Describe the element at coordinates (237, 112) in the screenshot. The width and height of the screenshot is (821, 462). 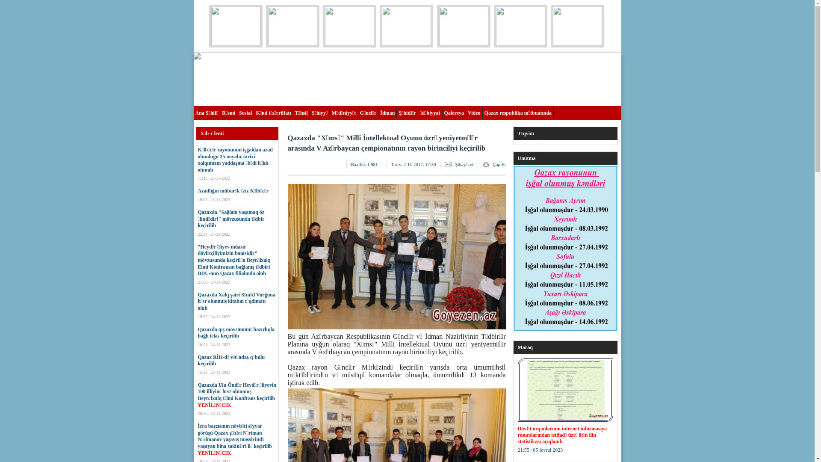
I see `'Sosial'` at that location.